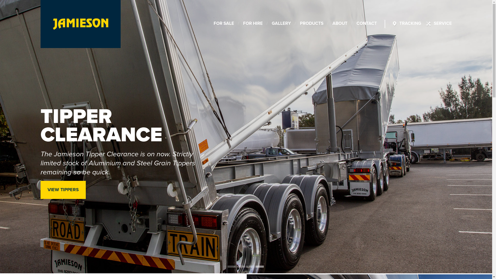  I want to click on 'FOR HIRE', so click(253, 24).